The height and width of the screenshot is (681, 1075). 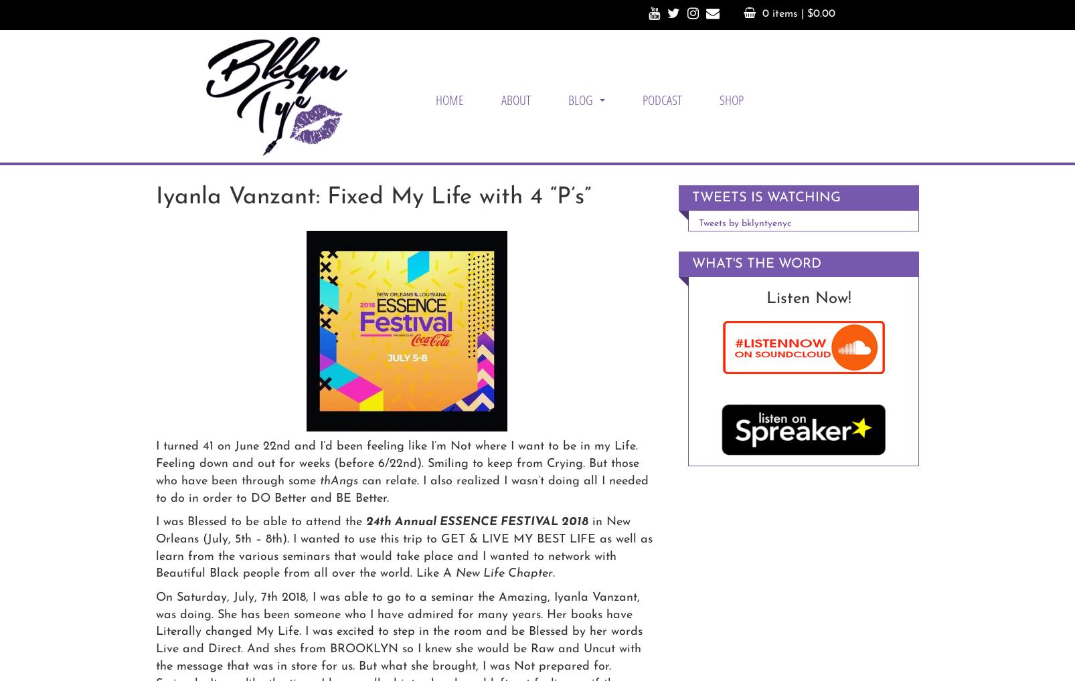 What do you see at coordinates (732, 98) in the screenshot?
I see `'SHOP'` at bounding box center [732, 98].